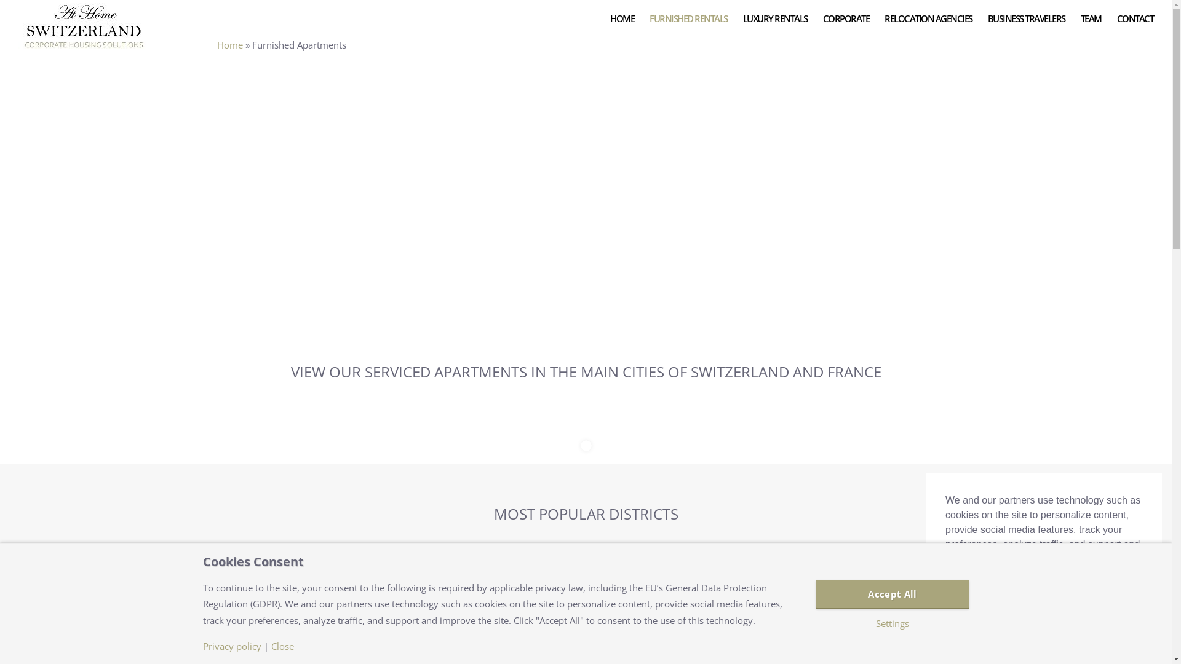 This screenshot has height=664, width=1181. I want to click on 'CORPORATE', so click(823, 18).